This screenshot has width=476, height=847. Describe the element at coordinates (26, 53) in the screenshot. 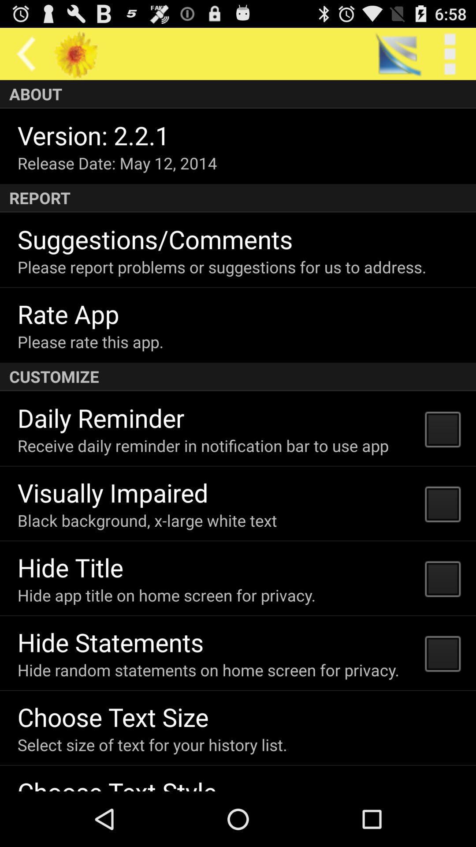

I see `the app above the about` at that location.